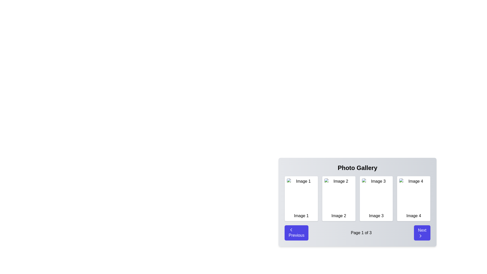  Describe the element at coordinates (291, 230) in the screenshot. I see `the left-facing chevron icon used for the 'Previous' action in the photo gallery interface` at that location.